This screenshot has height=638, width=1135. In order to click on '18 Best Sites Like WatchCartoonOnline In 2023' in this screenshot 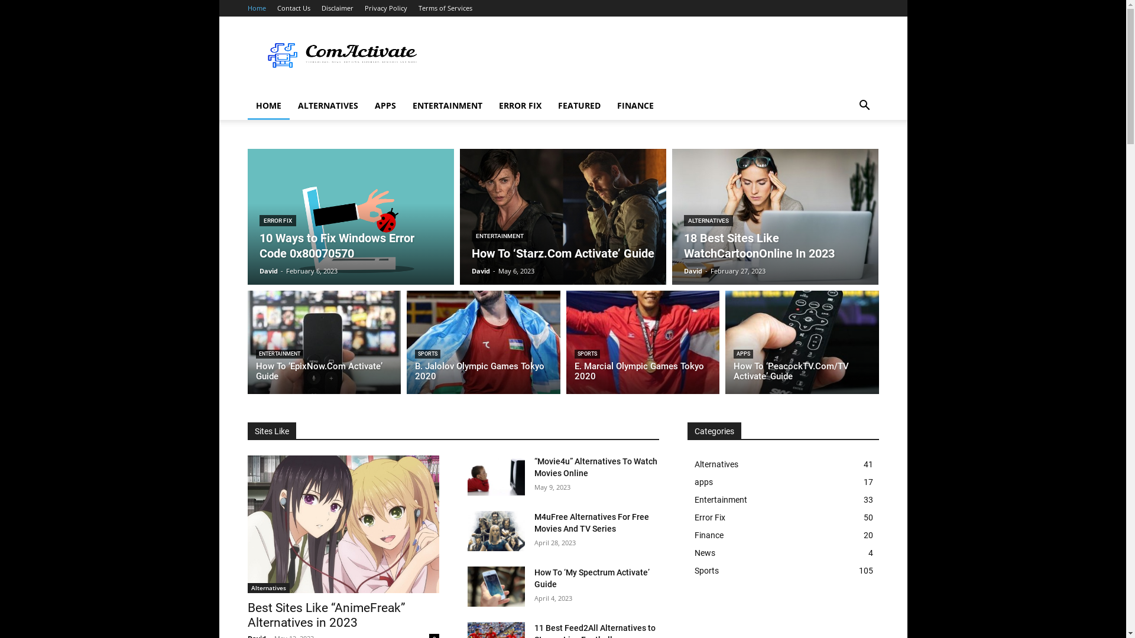, I will do `click(759, 245)`.